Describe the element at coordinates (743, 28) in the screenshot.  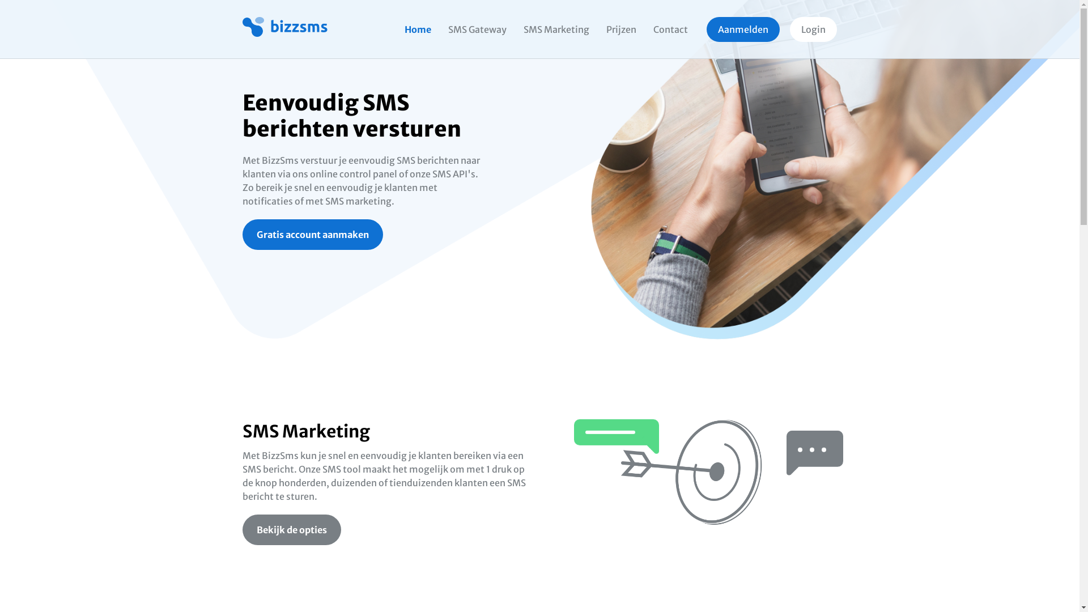
I see `'Aanmelden'` at that location.